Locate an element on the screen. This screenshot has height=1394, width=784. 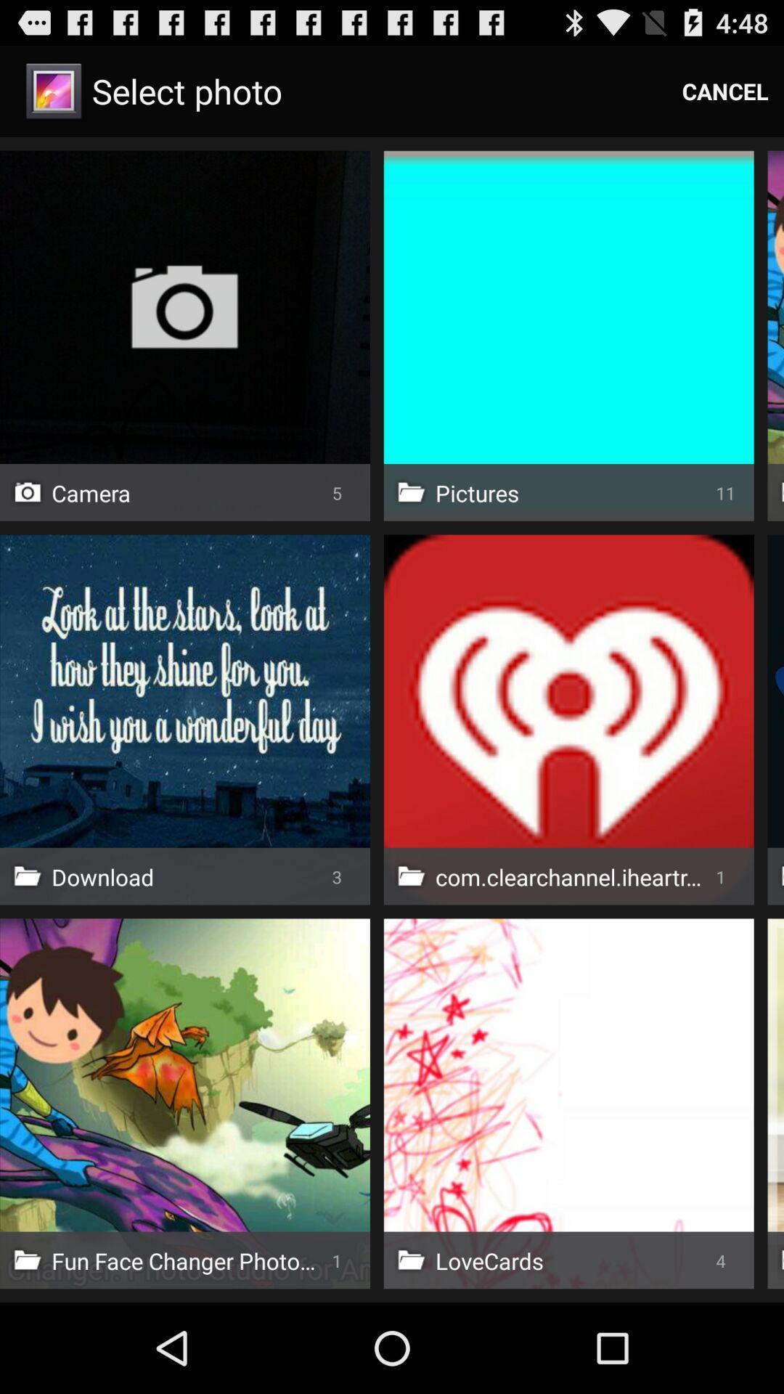
the cancel is located at coordinates (725, 90).